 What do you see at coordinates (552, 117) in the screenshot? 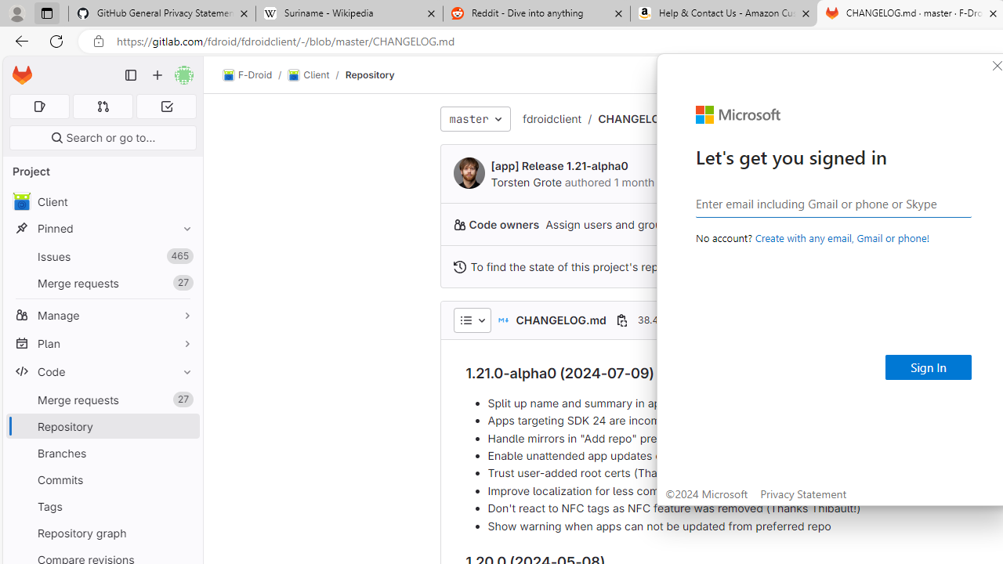
I see `'fdroidclient'` at bounding box center [552, 117].